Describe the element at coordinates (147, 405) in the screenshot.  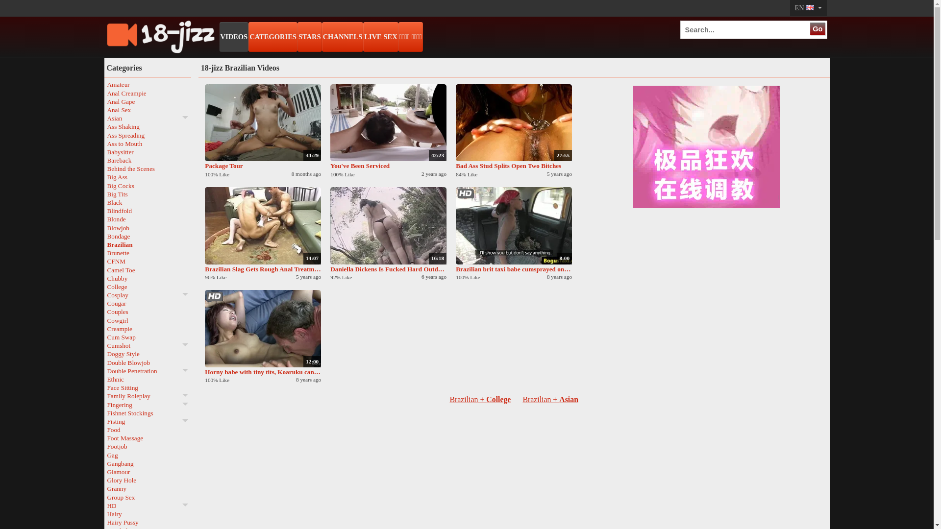
I see `'Fingering'` at that location.